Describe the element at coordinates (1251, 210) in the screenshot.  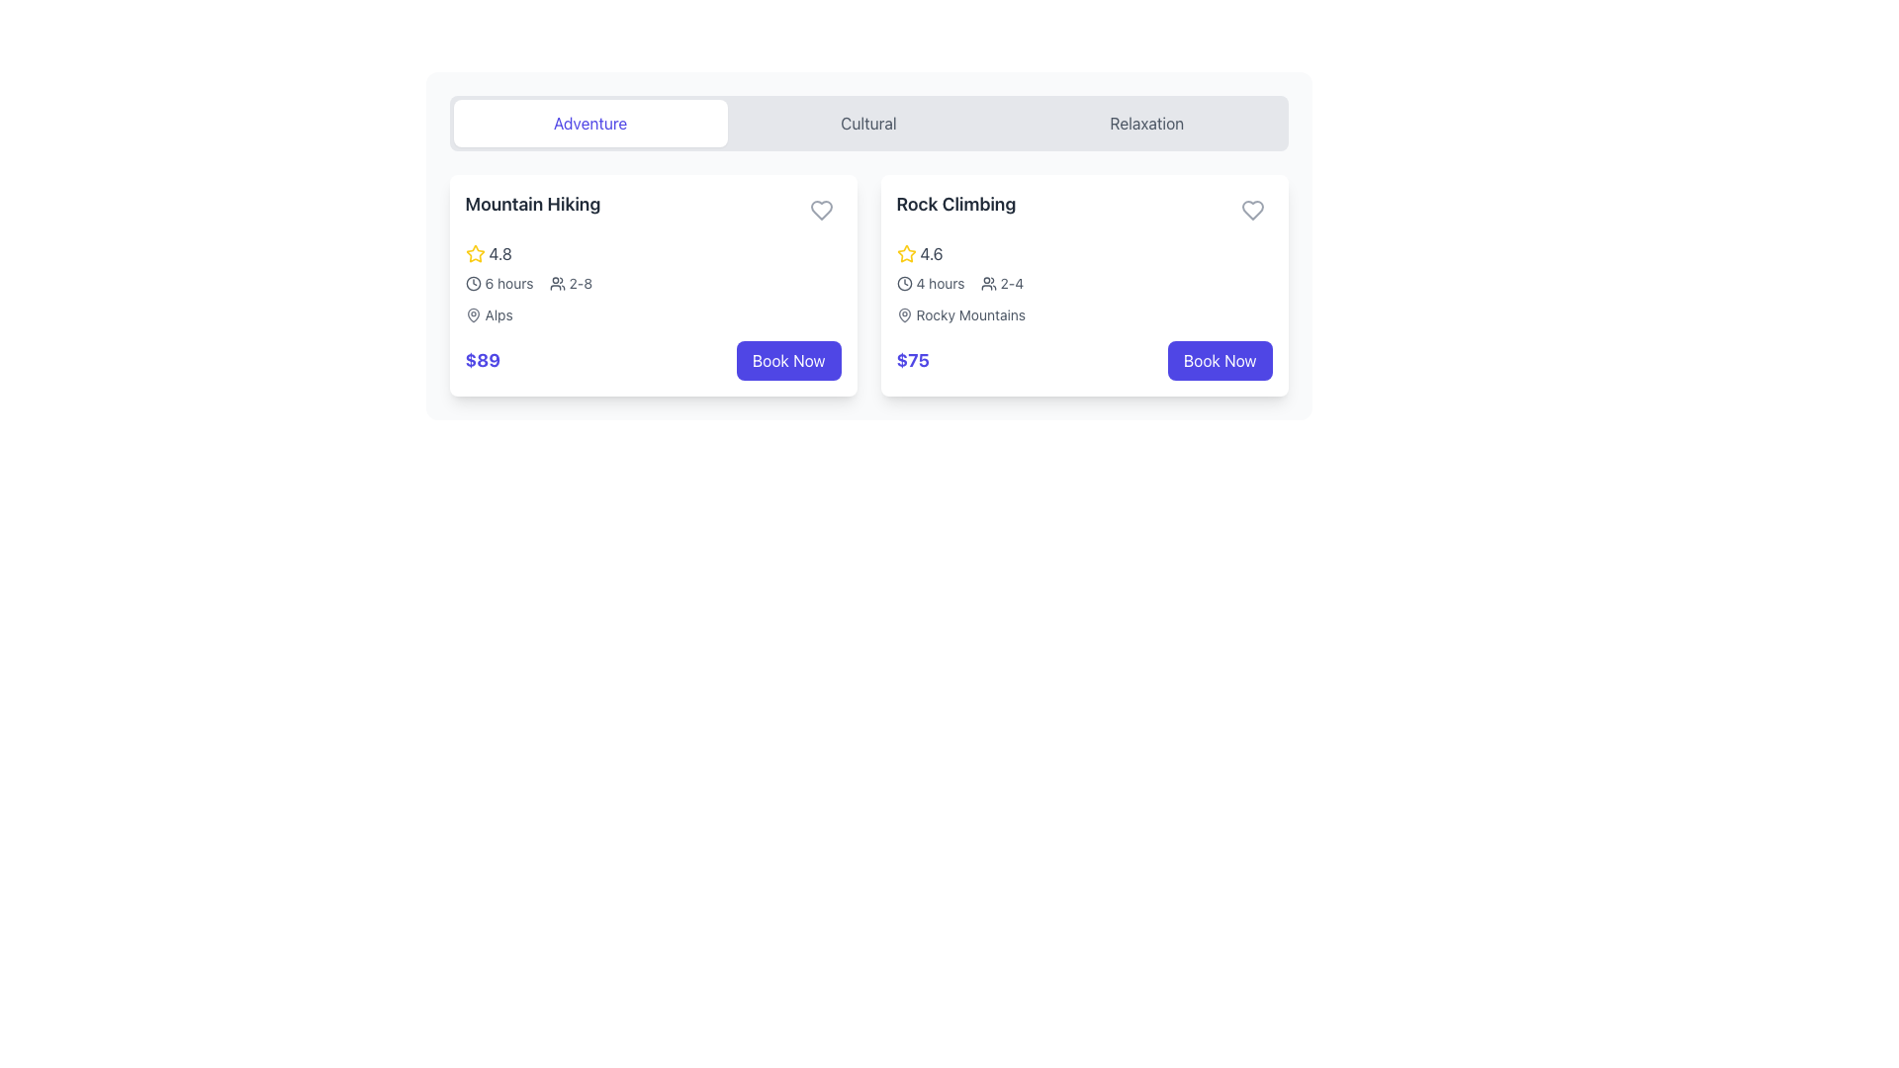
I see `the heart icon in the top-right corner of the 'Rock Climbing' card to like the item` at that location.